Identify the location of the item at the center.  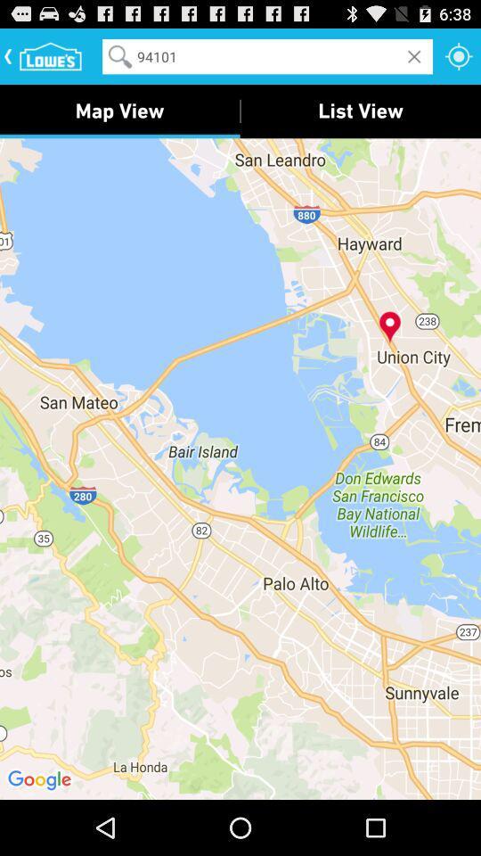
(240, 467).